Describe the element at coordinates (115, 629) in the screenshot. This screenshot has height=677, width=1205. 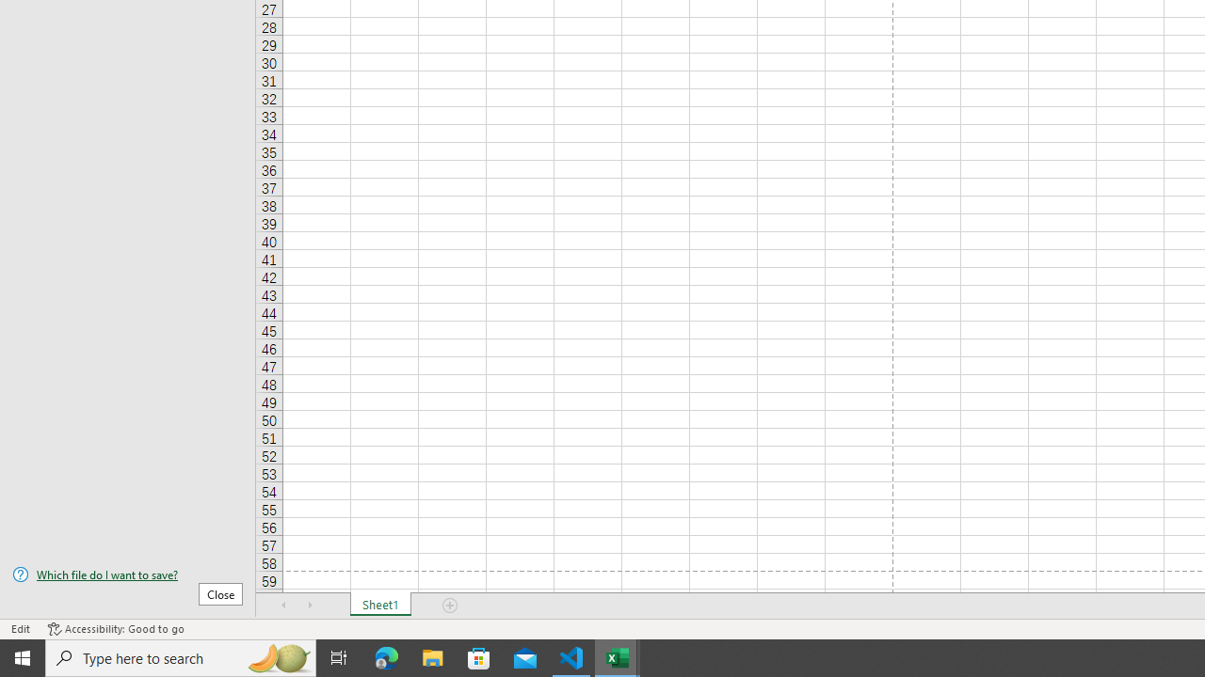
I see `'Accessibility Checker Accessibility: Good to go'` at that location.